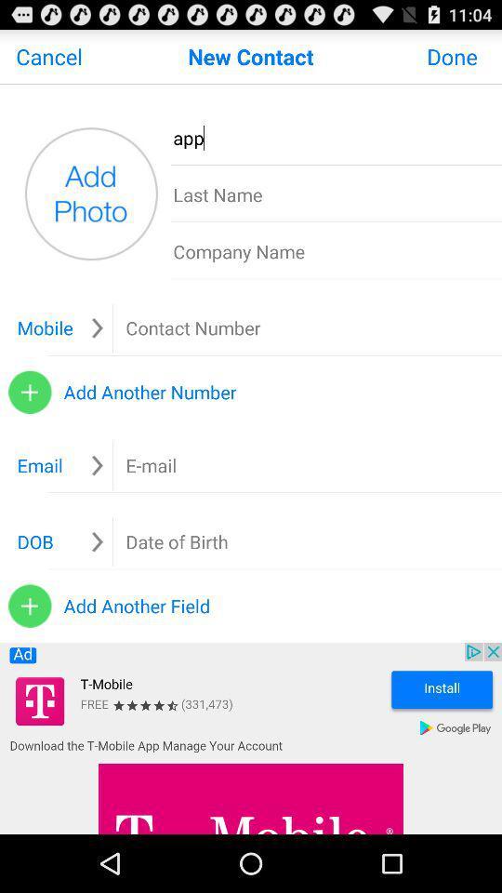  What do you see at coordinates (90, 193) in the screenshot?
I see `this button allows you to add picture` at bounding box center [90, 193].